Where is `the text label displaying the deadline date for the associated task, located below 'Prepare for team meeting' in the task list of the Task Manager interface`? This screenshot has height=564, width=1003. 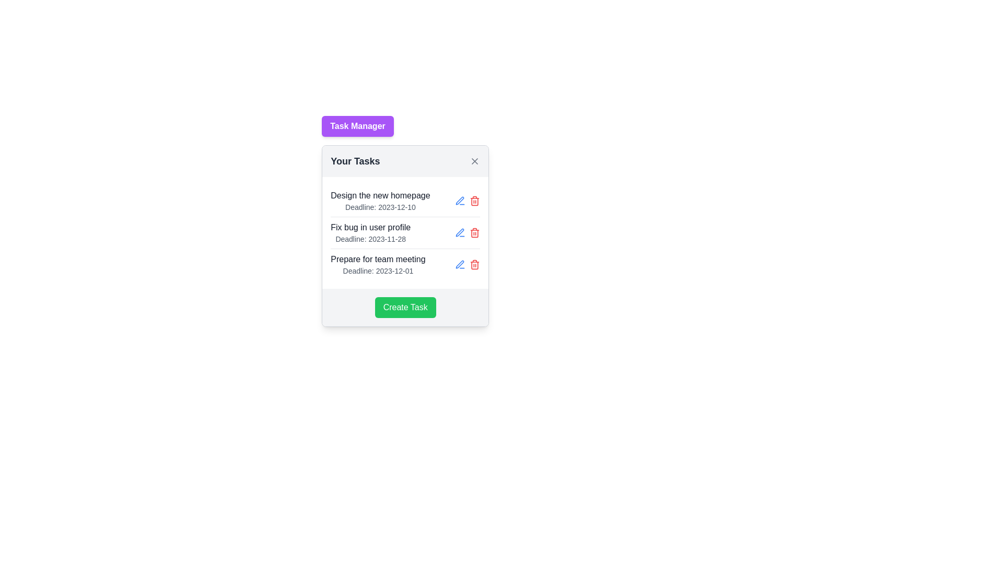
the text label displaying the deadline date for the associated task, located below 'Prepare for team meeting' in the task list of the Task Manager interface is located at coordinates (378, 271).